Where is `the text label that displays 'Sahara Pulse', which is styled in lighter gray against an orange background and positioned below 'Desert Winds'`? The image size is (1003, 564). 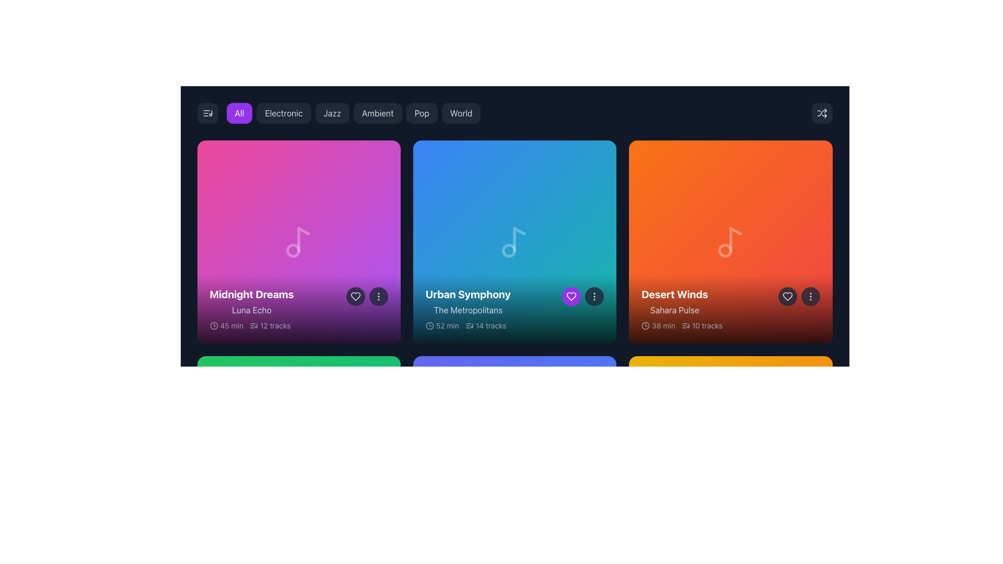
the text label that displays 'Sahara Pulse', which is styled in lighter gray against an orange background and positioned below 'Desert Winds' is located at coordinates (674, 310).